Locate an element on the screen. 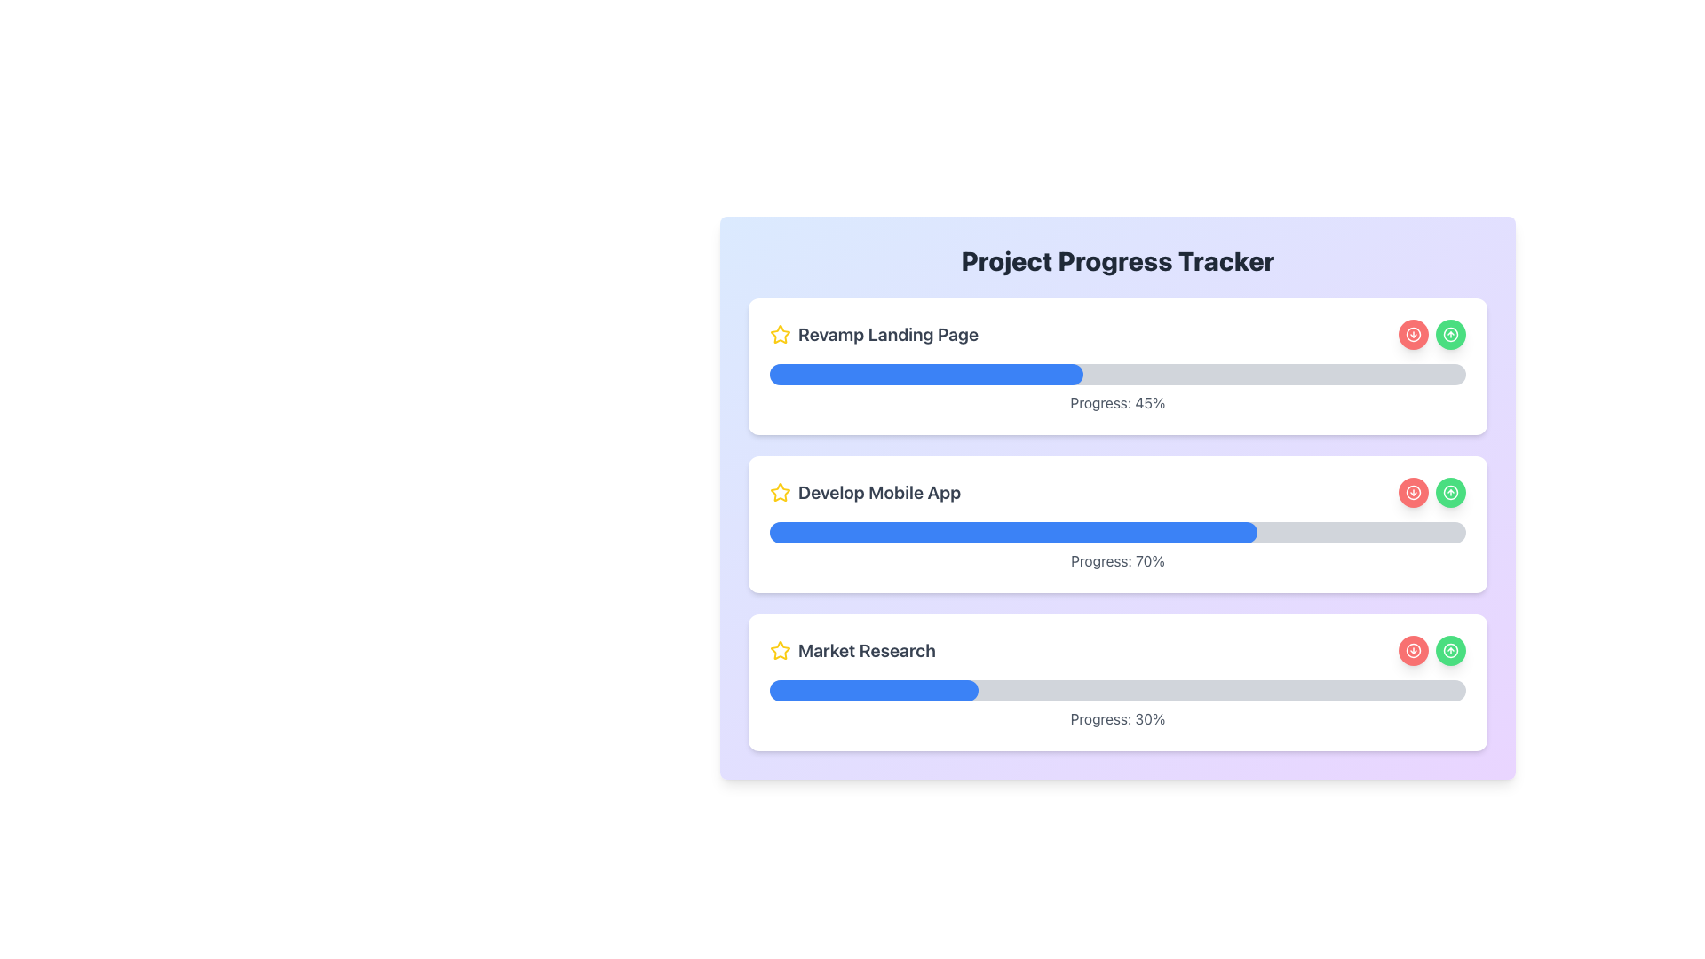 The width and height of the screenshot is (1705, 959). the text label with icon that displays the title of a task in the progress tracking interface, located between the 'Develop Mobile App' card and the progress indicator is located at coordinates (852, 650).